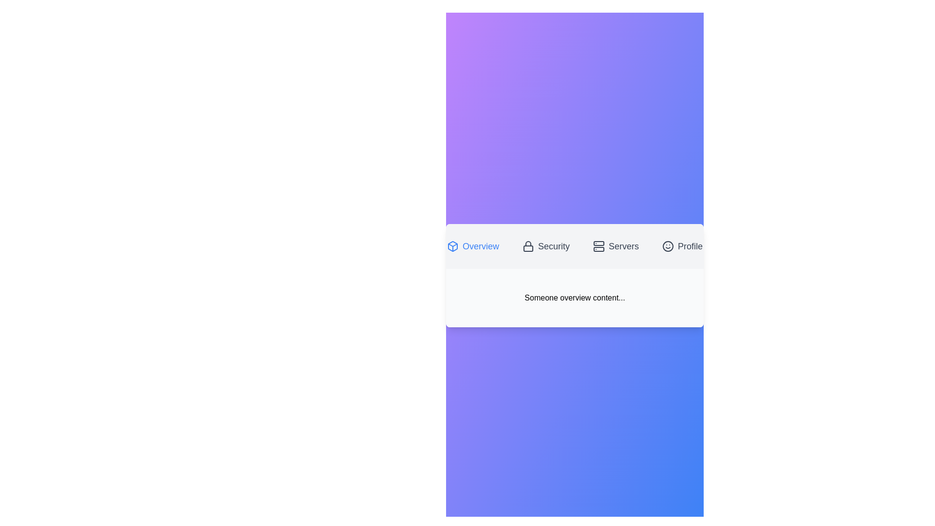 This screenshot has width=935, height=526. Describe the element at coordinates (481, 245) in the screenshot. I see `text from the 'Overview' label located at the far left of the horizontal menu bar, which is styled in bold blue font` at that location.